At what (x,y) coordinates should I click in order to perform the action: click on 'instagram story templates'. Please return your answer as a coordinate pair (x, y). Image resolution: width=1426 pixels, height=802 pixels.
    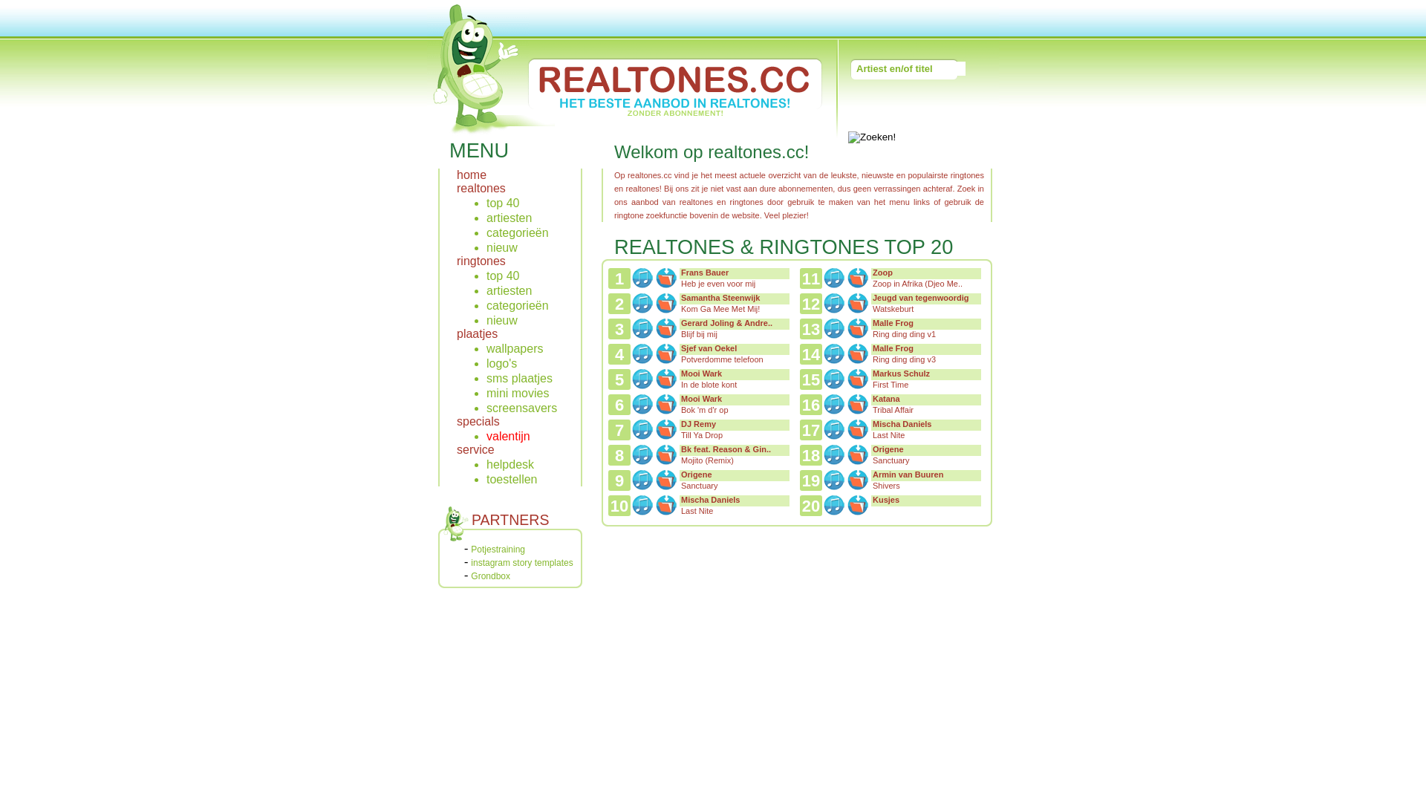
    Looking at the image, I should click on (521, 563).